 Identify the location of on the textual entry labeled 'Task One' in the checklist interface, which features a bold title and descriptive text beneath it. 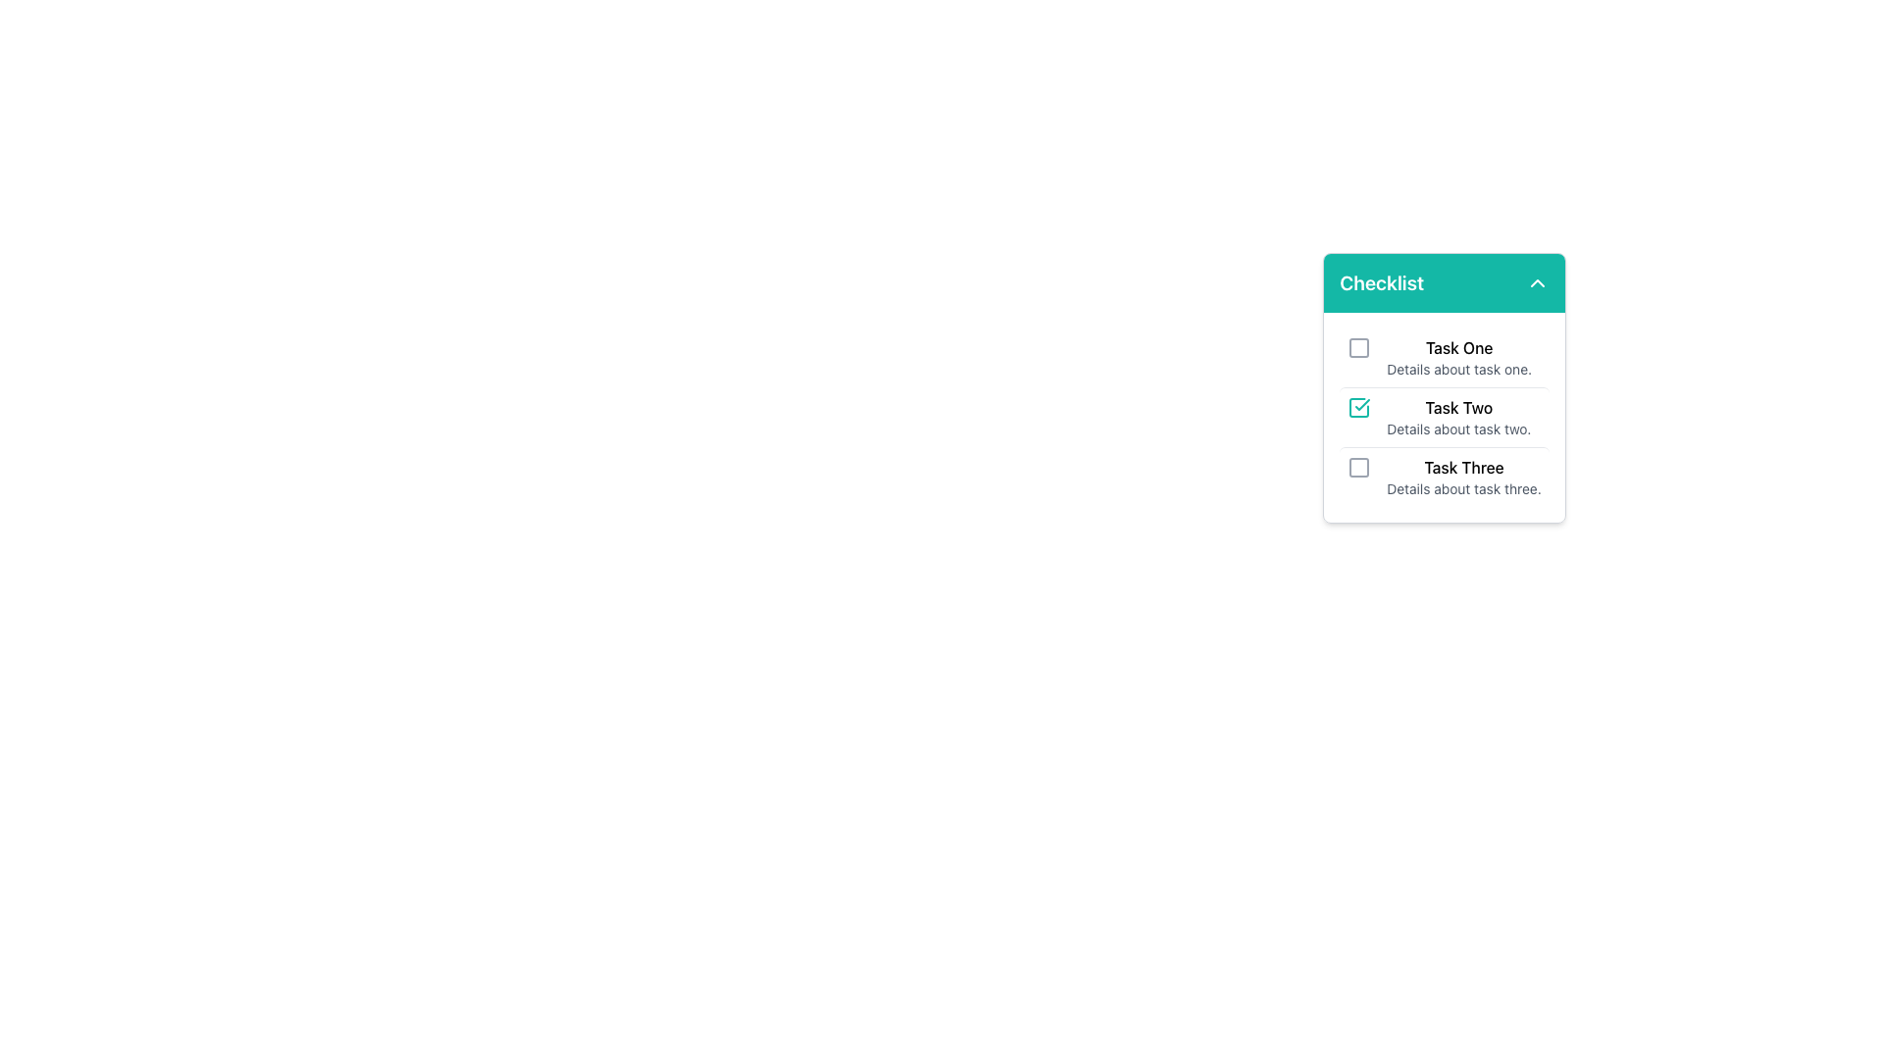
(1459, 358).